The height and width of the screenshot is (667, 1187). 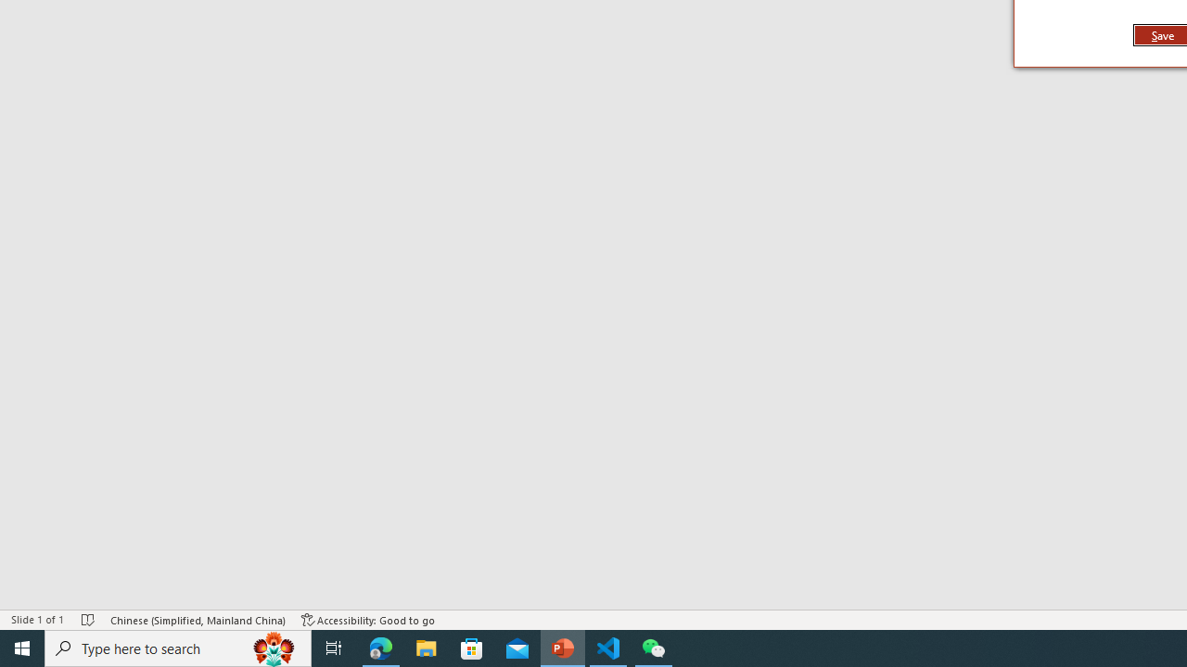 What do you see at coordinates (654, 647) in the screenshot?
I see `'WeChat - 1 running window'` at bounding box center [654, 647].